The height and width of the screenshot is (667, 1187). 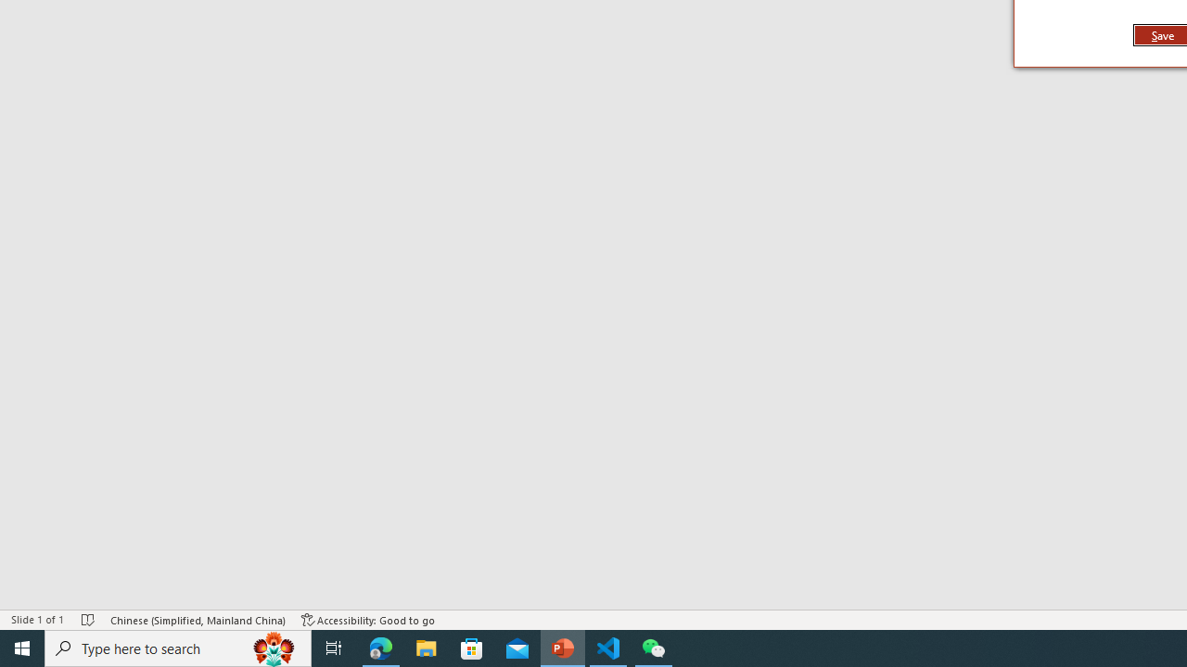 What do you see at coordinates (654, 647) in the screenshot?
I see `'WeChat - 1 running window'` at bounding box center [654, 647].